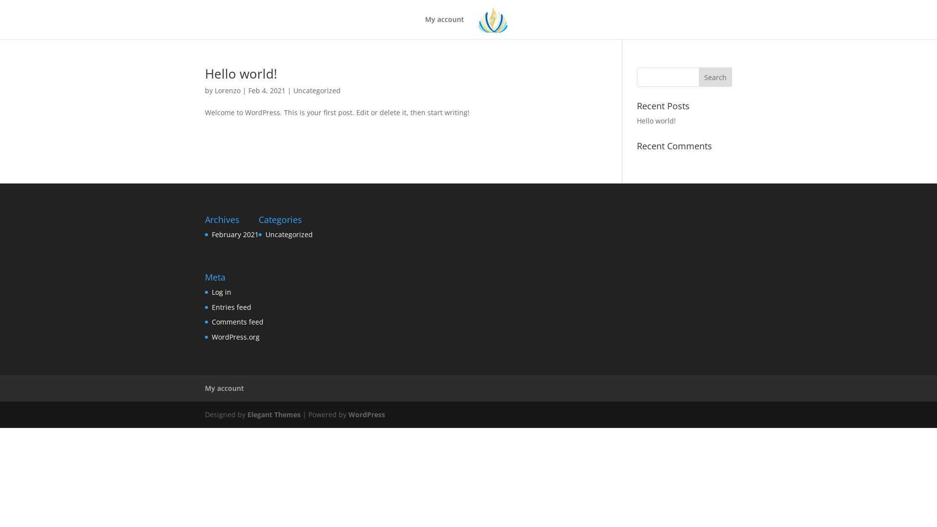  Describe the element at coordinates (221, 291) in the screenshot. I see `'Log in'` at that location.